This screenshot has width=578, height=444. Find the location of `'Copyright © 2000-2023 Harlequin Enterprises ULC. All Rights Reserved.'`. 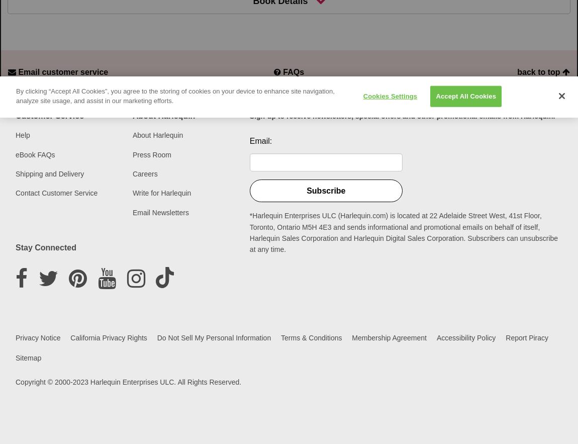

'Copyright © 2000-2023 Harlequin Enterprises ULC. All Rights Reserved.' is located at coordinates (128, 382).